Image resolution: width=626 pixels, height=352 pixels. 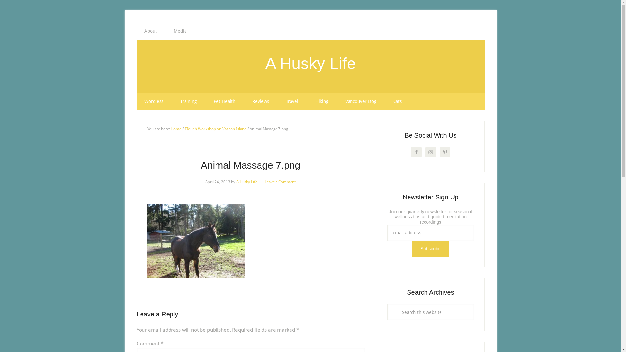 What do you see at coordinates (473, 304) in the screenshot?
I see `'Search'` at bounding box center [473, 304].